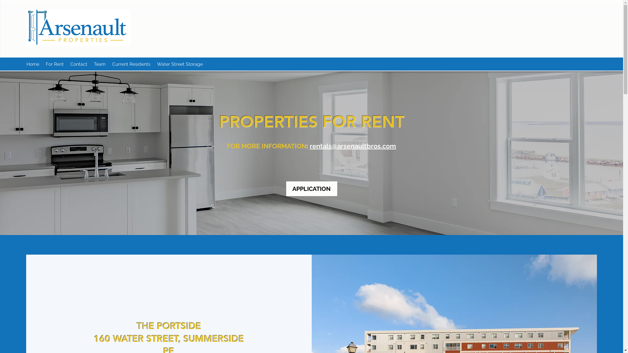 Image resolution: width=628 pixels, height=353 pixels. What do you see at coordinates (99, 64) in the screenshot?
I see `'Team'` at bounding box center [99, 64].